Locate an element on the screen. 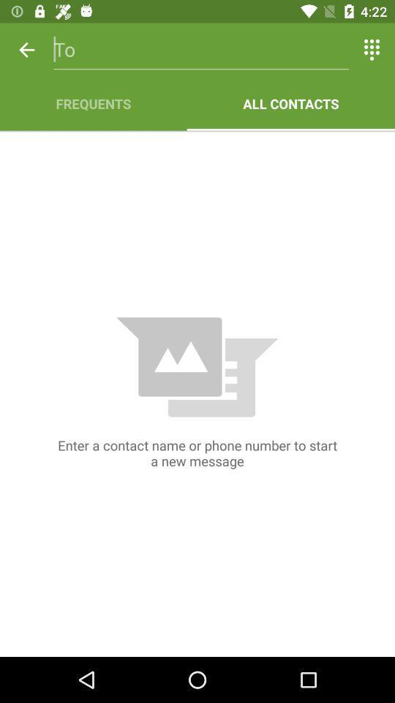  the item next to the frequents item is located at coordinates (290, 103).